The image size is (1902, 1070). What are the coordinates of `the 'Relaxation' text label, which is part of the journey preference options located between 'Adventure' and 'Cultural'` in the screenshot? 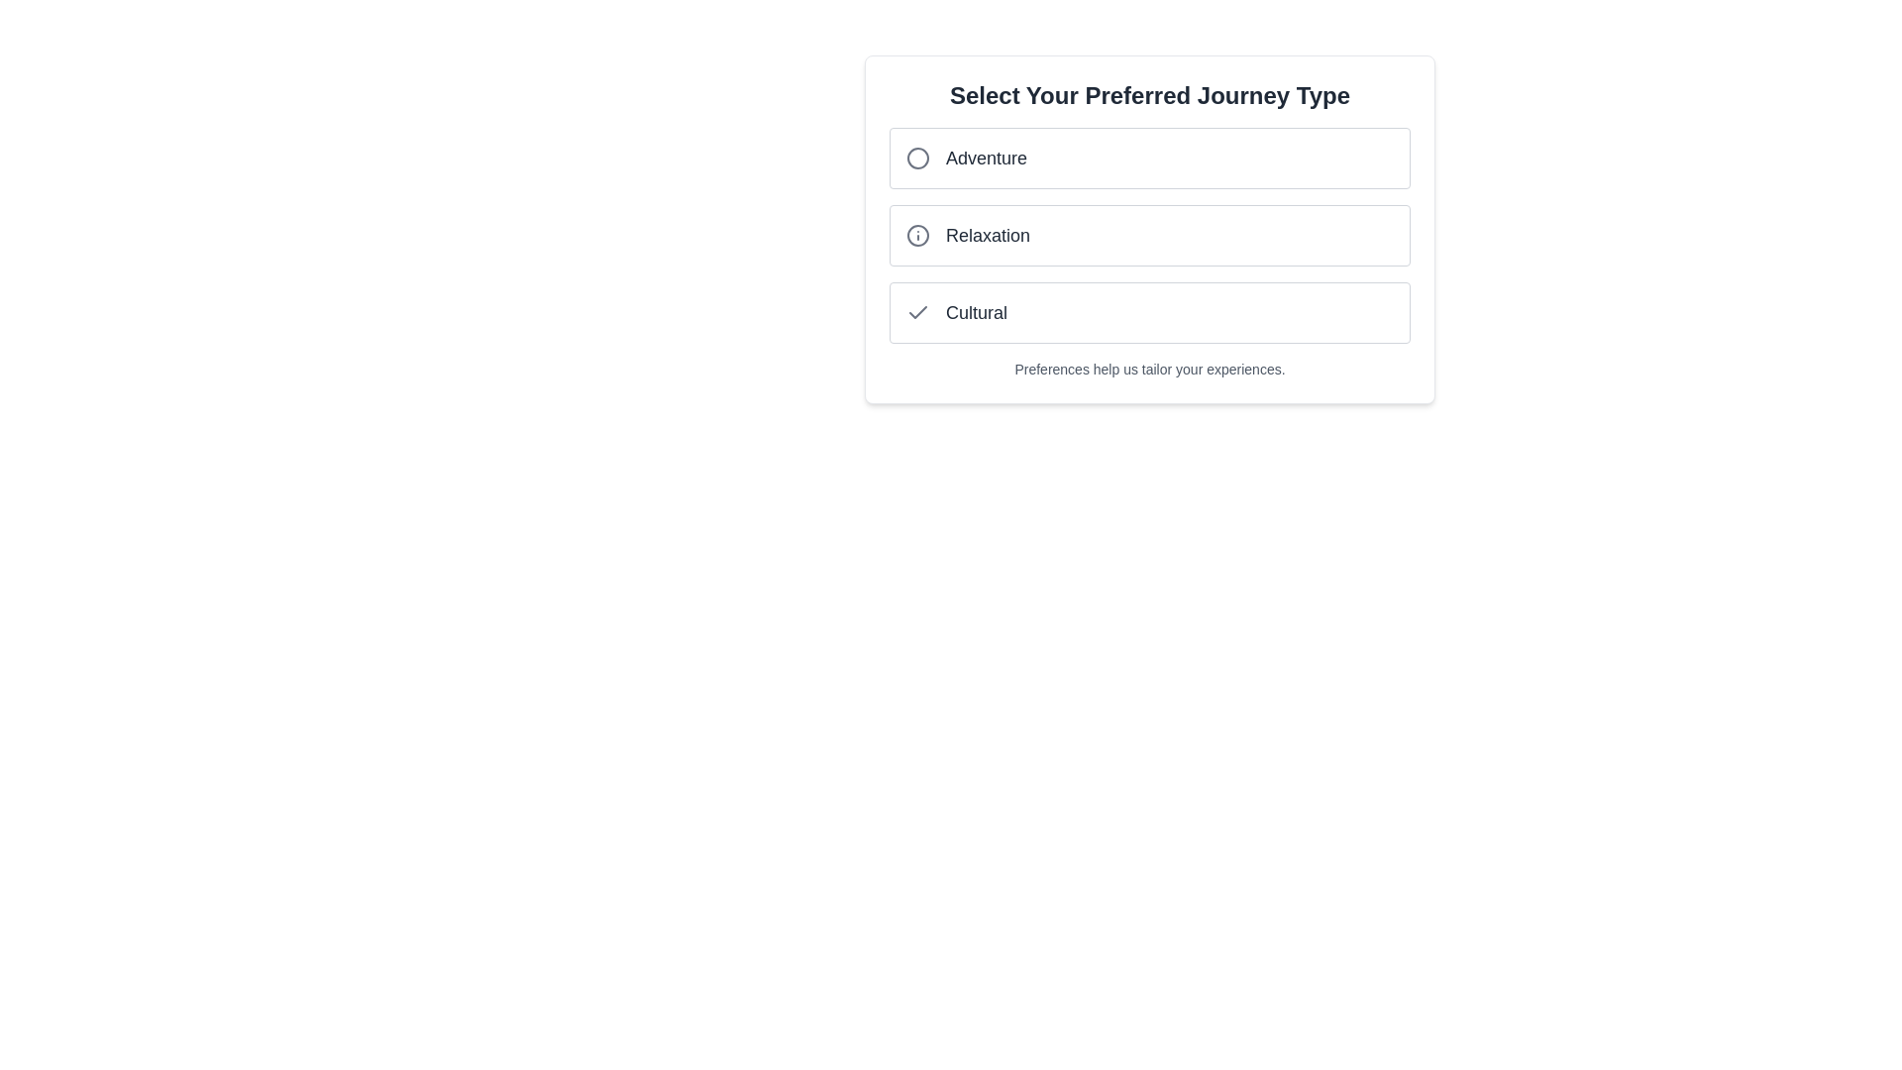 It's located at (988, 235).